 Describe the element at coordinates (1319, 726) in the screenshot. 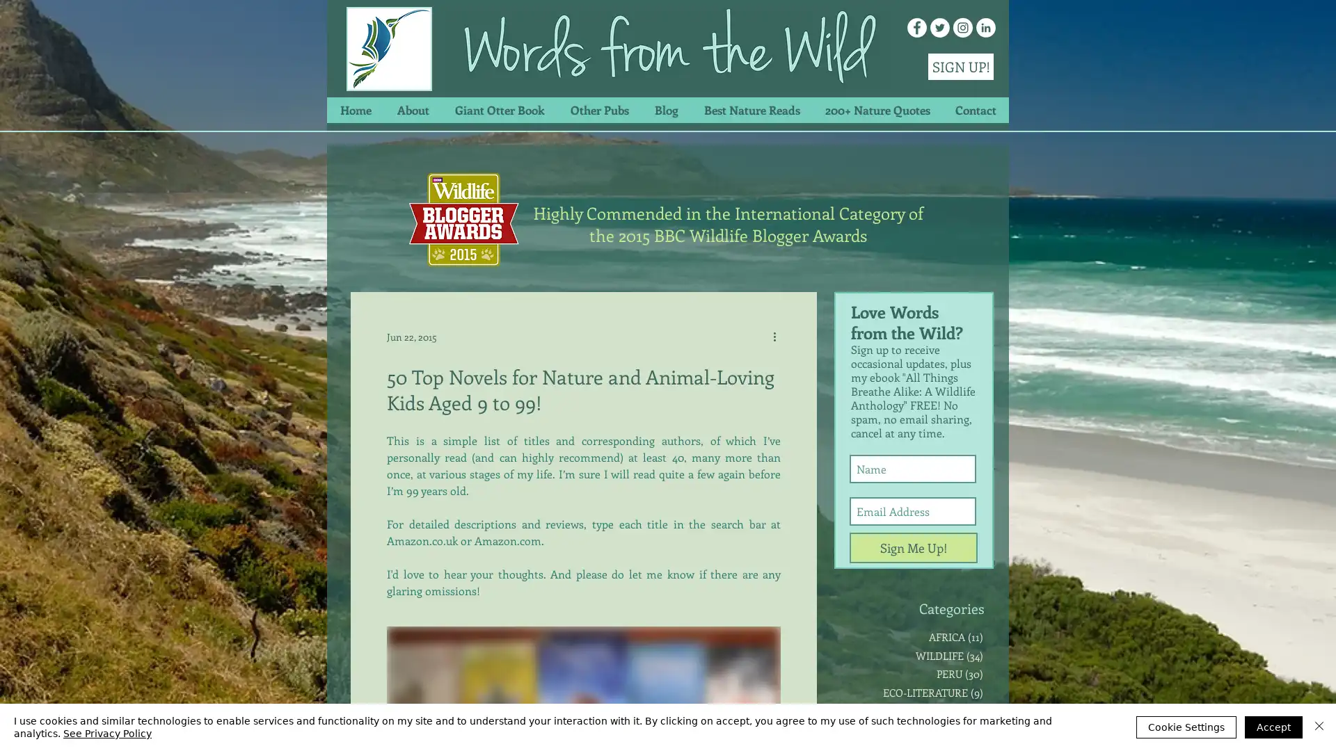

I see `Close` at that location.